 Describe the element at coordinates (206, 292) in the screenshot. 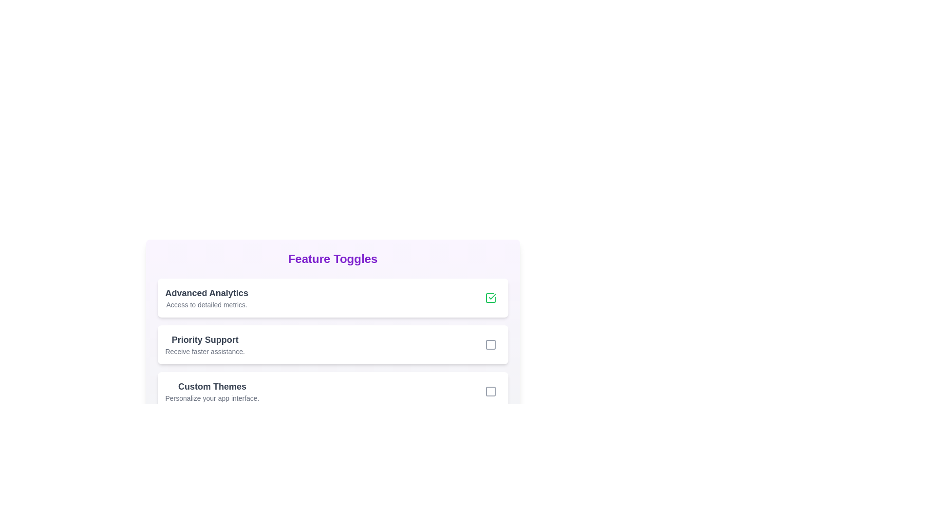

I see `the 'Advanced Analytics' text label, which serves as the title for the feature toggle section, located at the top of the list` at that location.